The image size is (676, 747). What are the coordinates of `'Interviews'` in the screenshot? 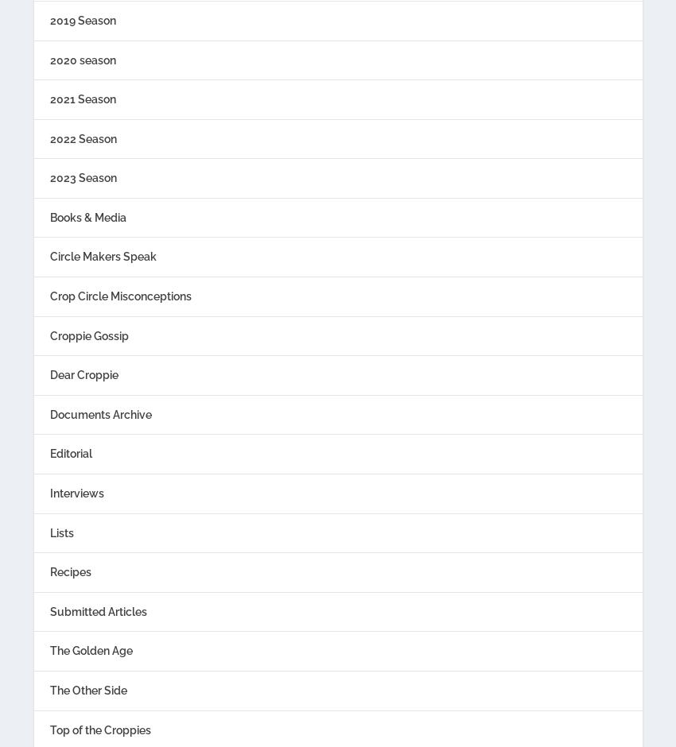 It's located at (75, 492).